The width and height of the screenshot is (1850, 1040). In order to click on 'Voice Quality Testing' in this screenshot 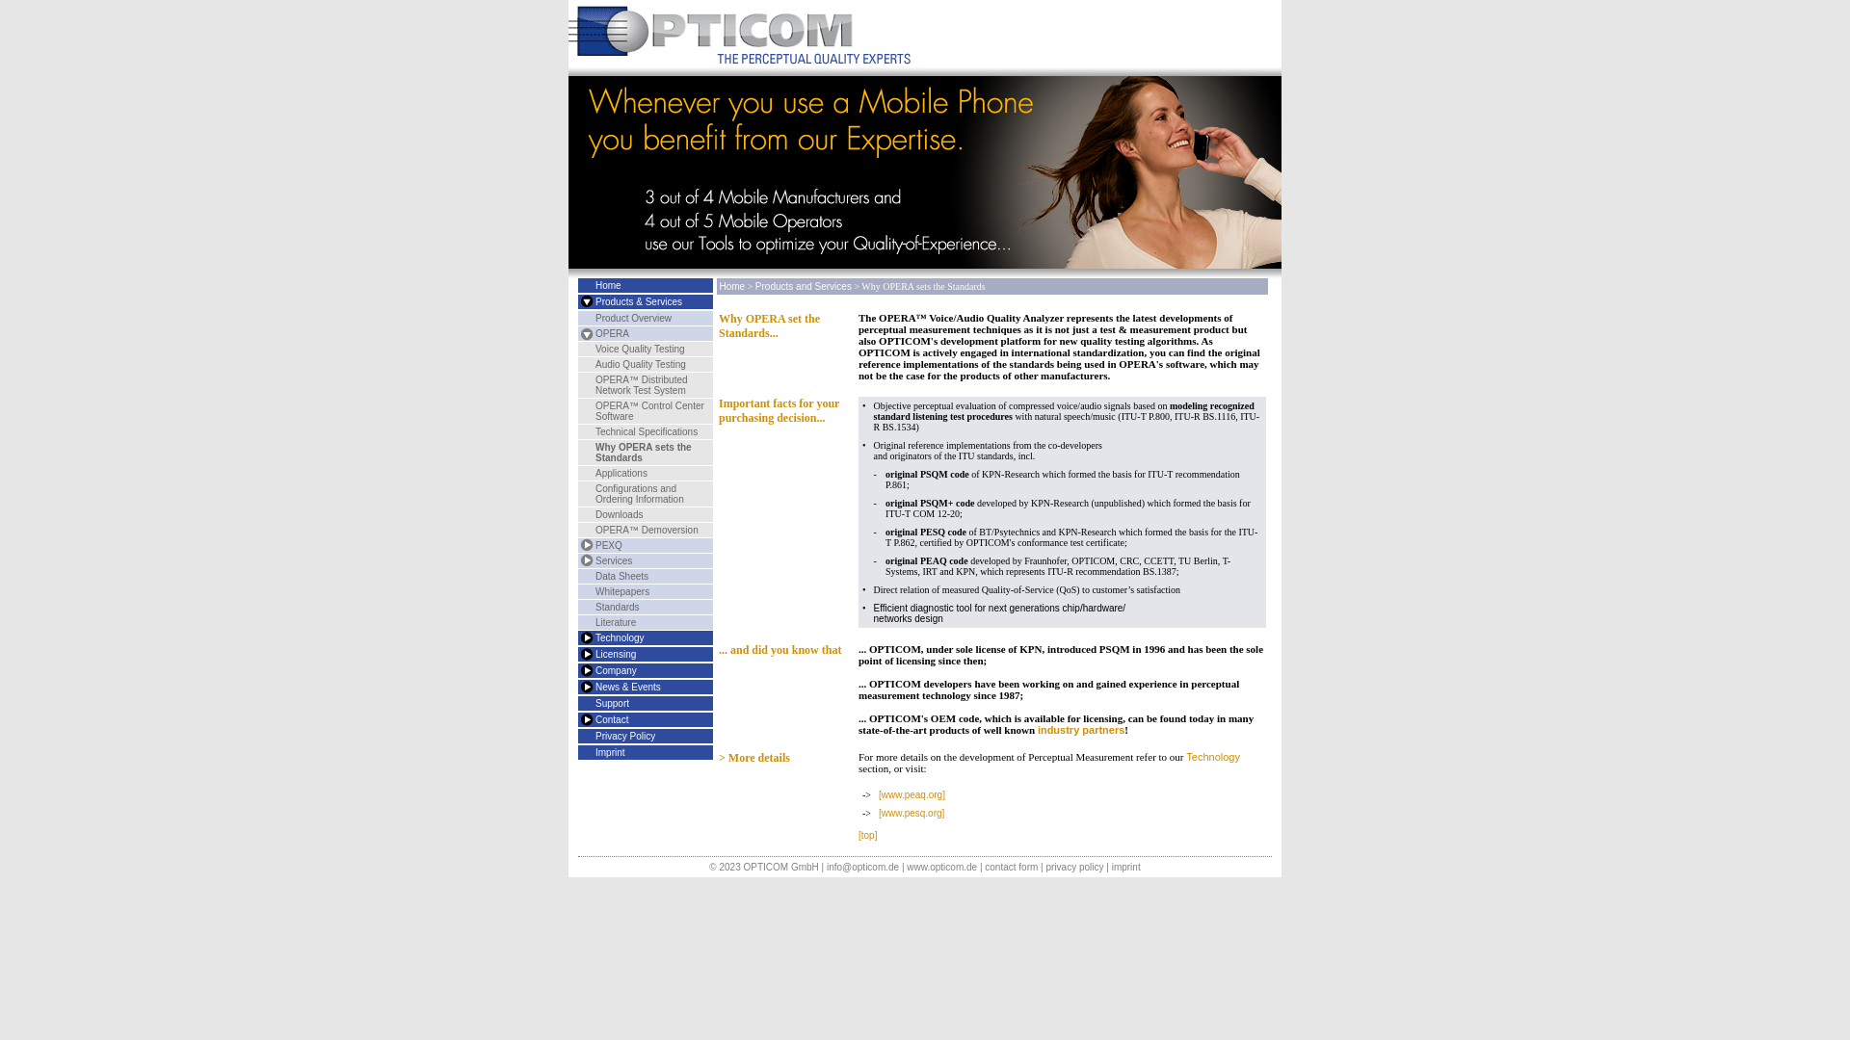, I will do `click(595, 349)`.